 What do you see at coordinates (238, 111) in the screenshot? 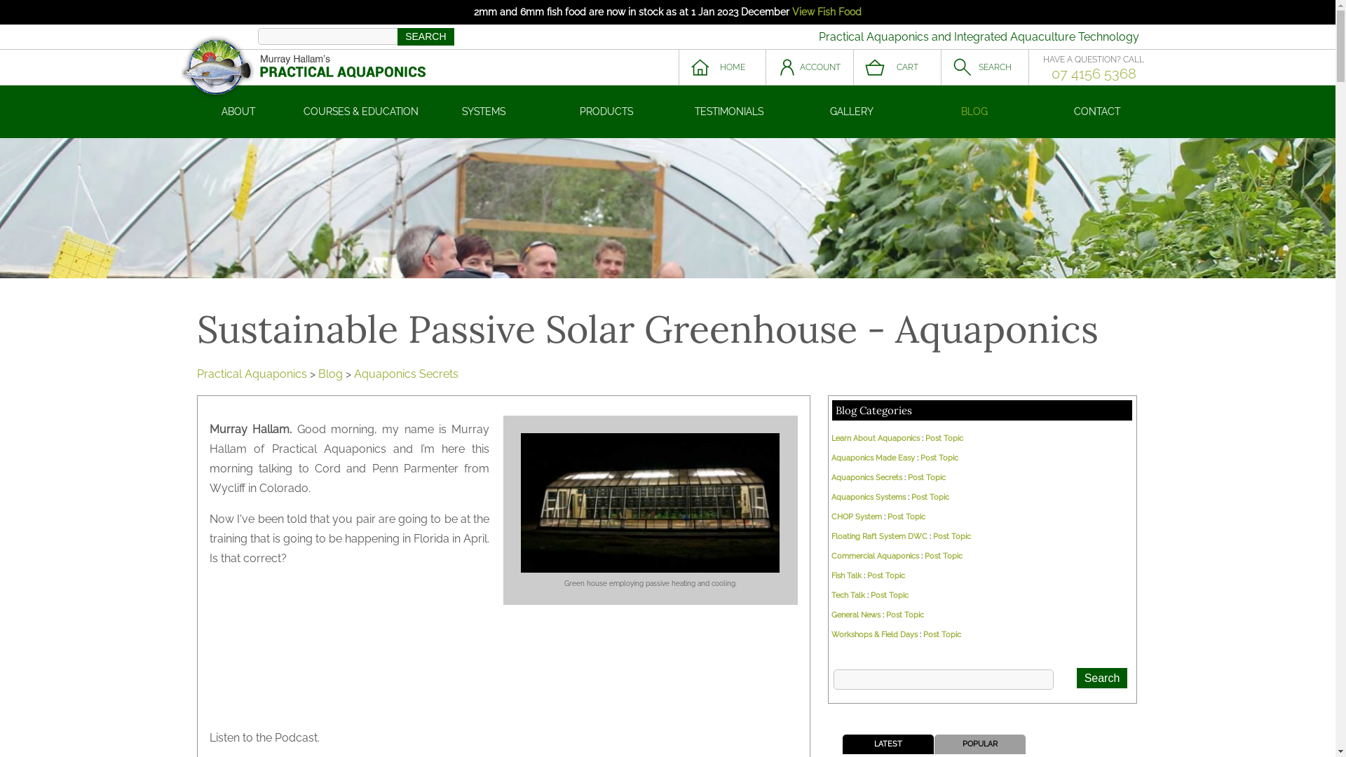
I see `'ABOUT'` at bounding box center [238, 111].